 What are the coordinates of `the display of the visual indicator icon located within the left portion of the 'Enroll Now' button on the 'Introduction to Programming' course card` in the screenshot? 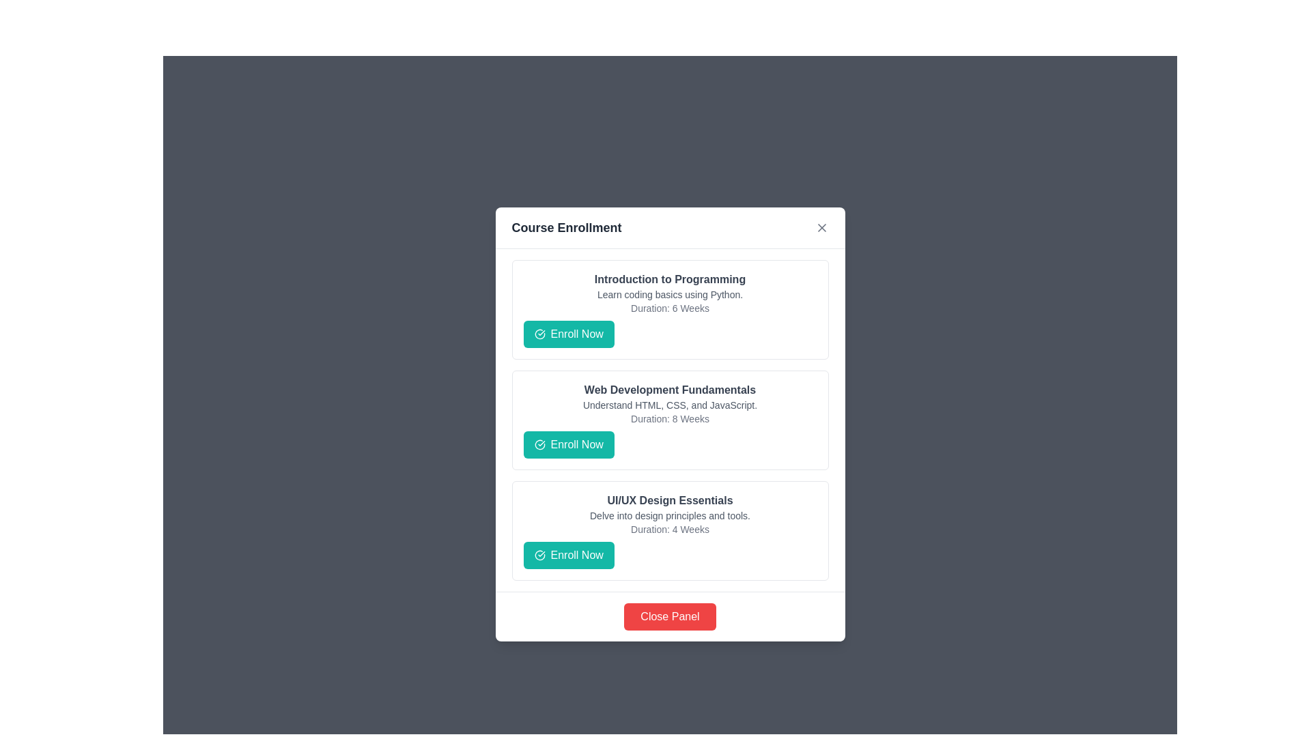 It's located at (539, 334).